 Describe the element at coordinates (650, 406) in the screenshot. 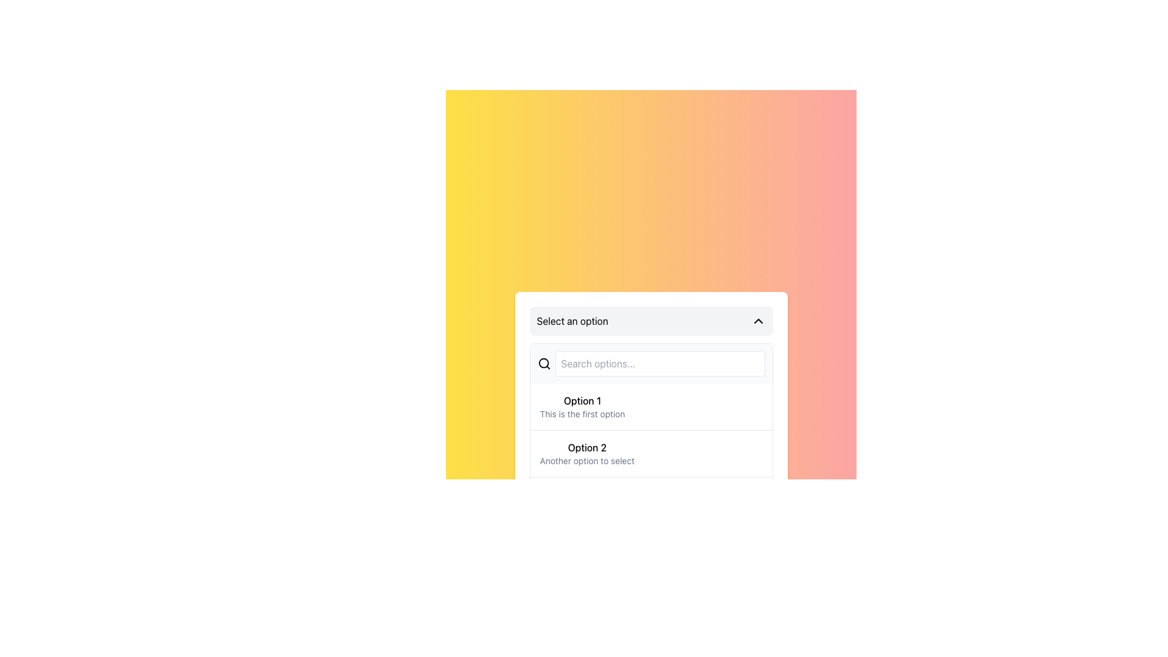

I see `the first item of the dropdown menu` at that location.